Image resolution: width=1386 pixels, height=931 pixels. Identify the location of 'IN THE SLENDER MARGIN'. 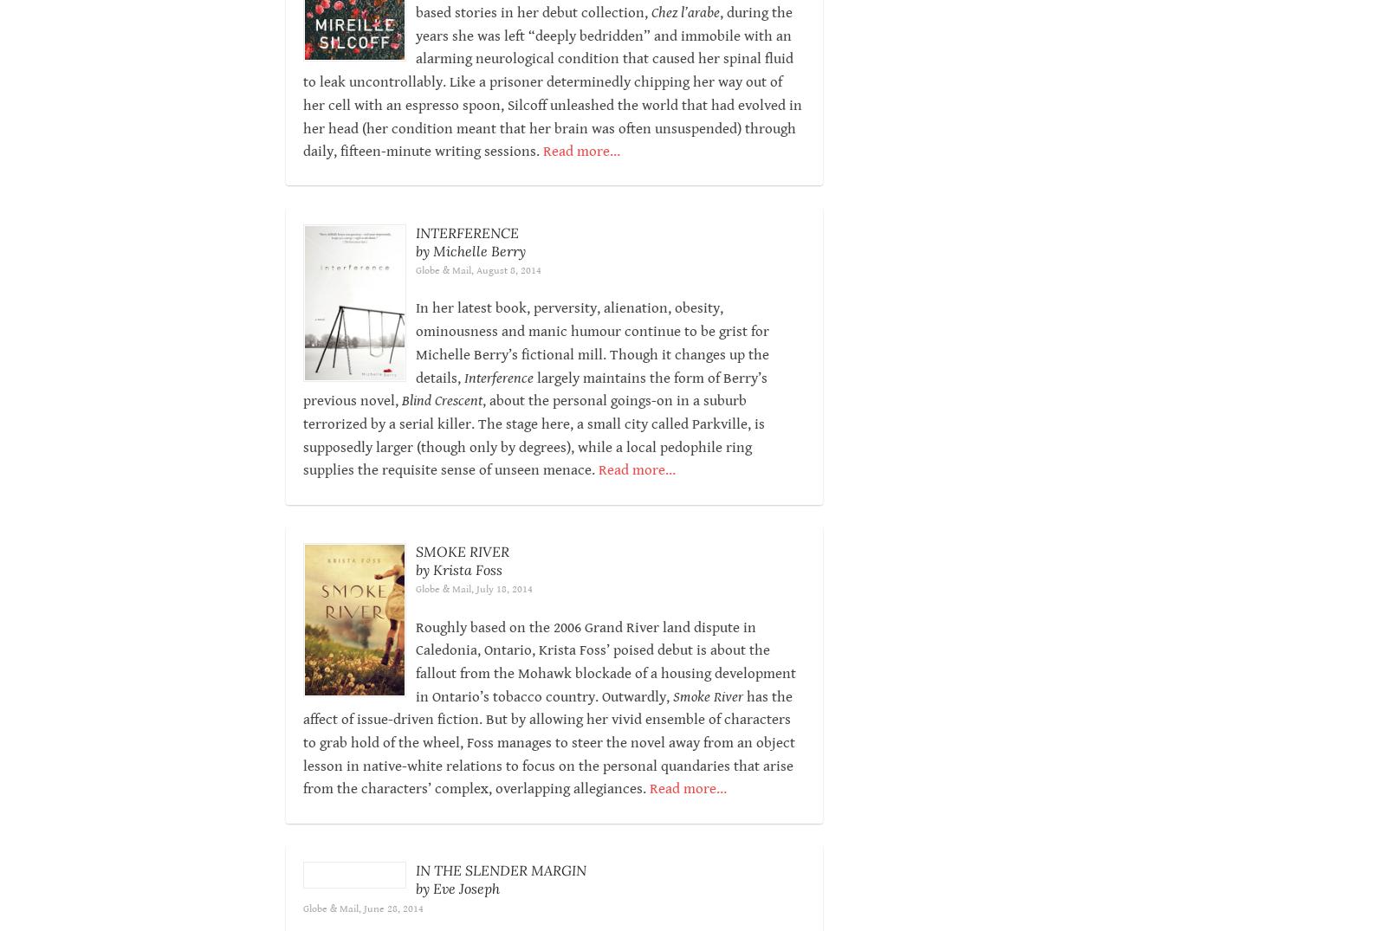
(499, 893).